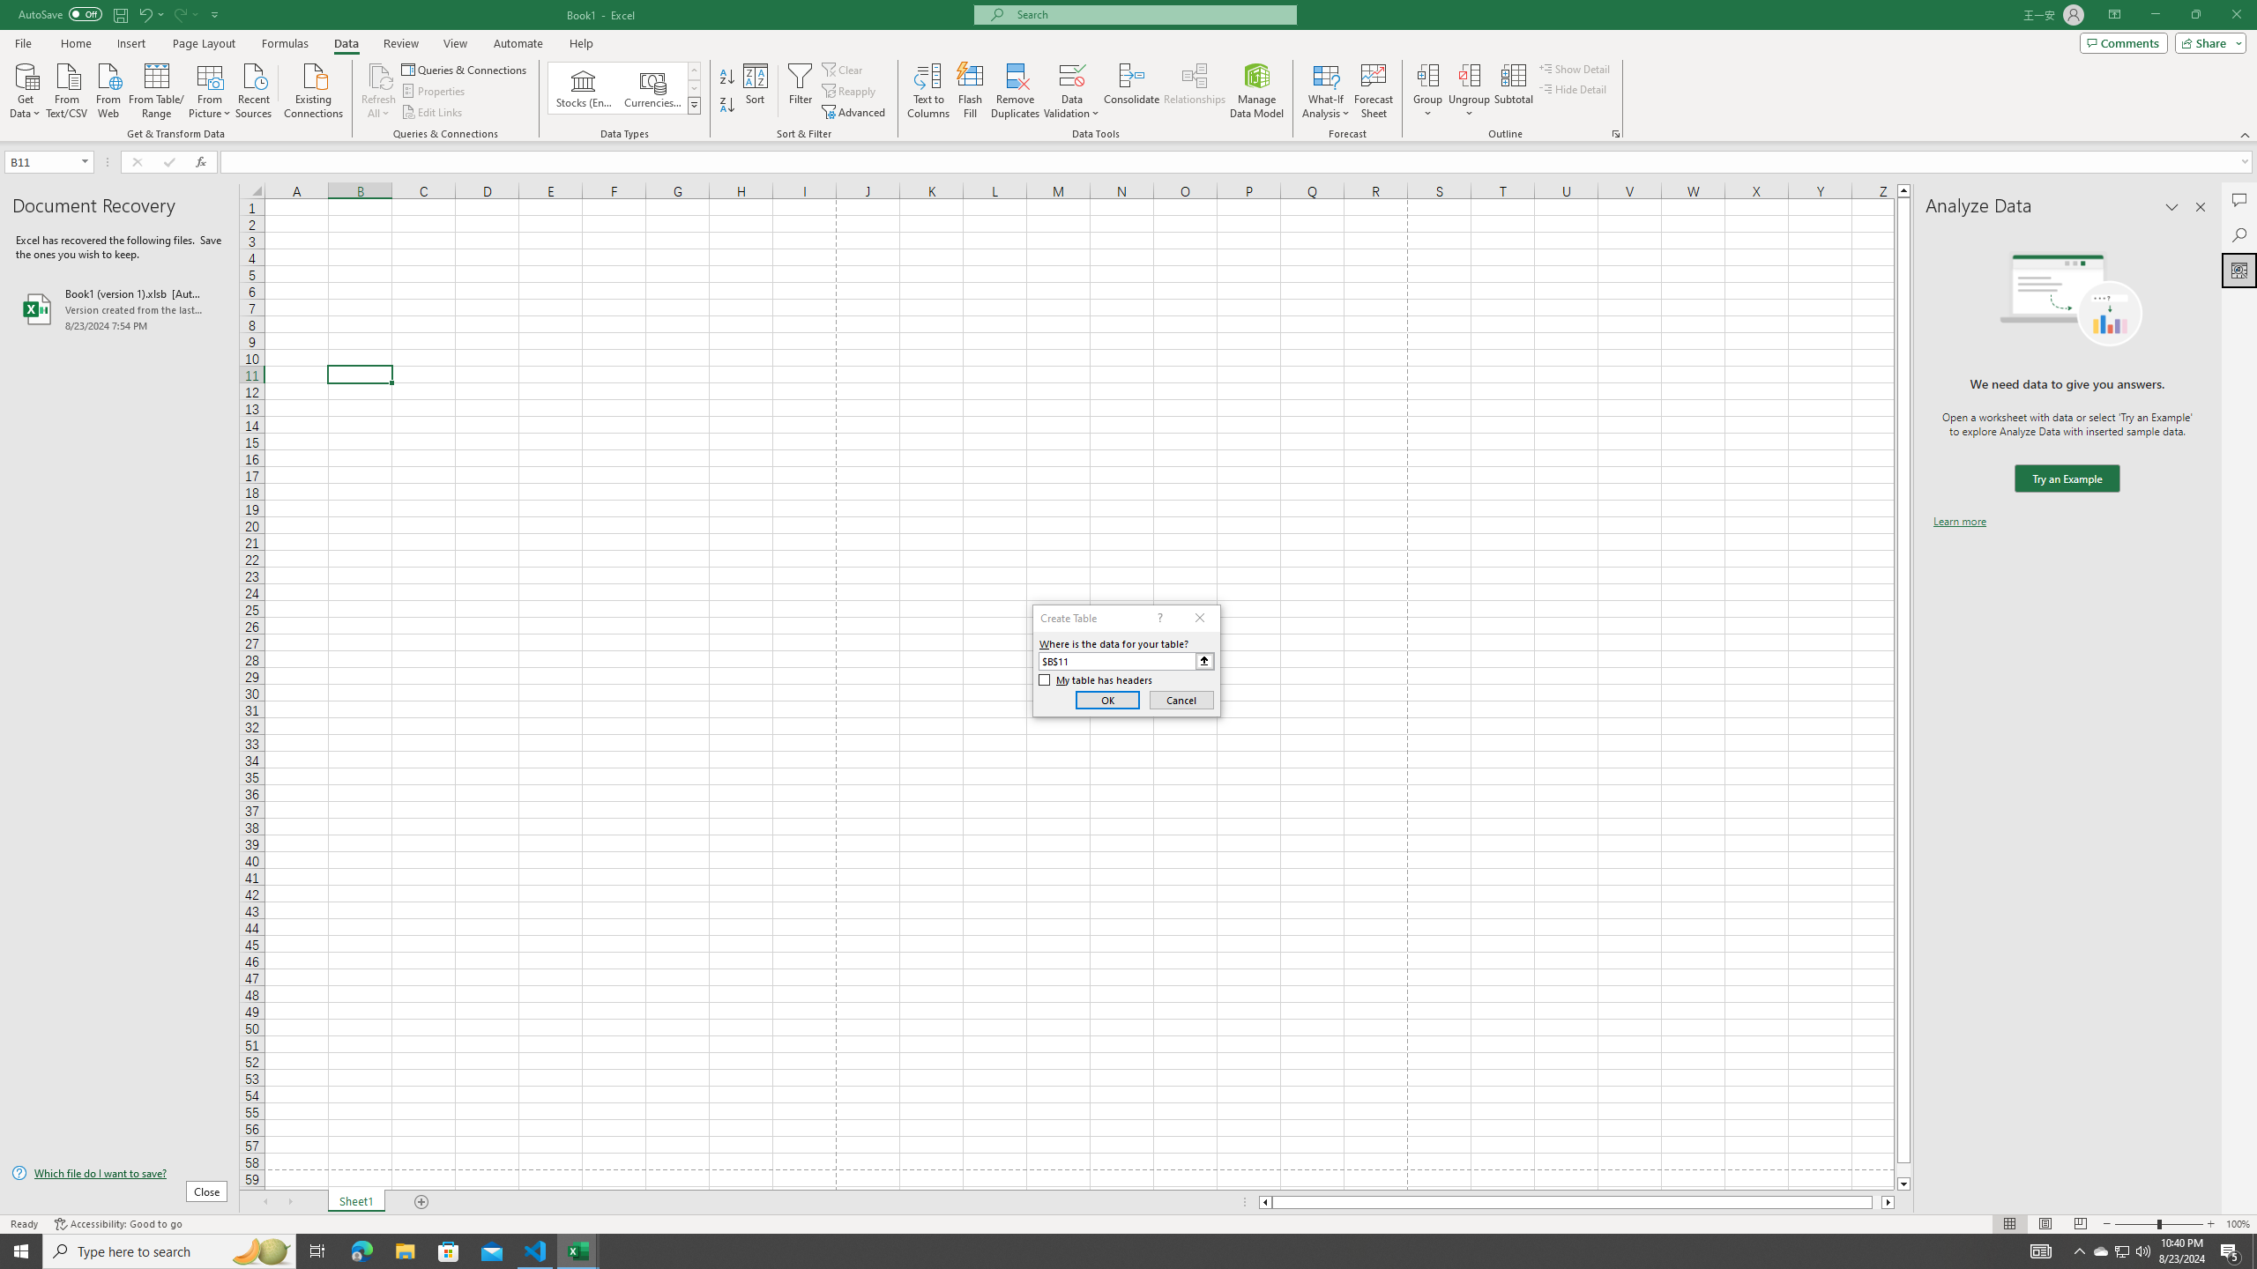 The width and height of the screenshot is (2257, 1269). I want to click on 'Line up', so click(1903, 189).